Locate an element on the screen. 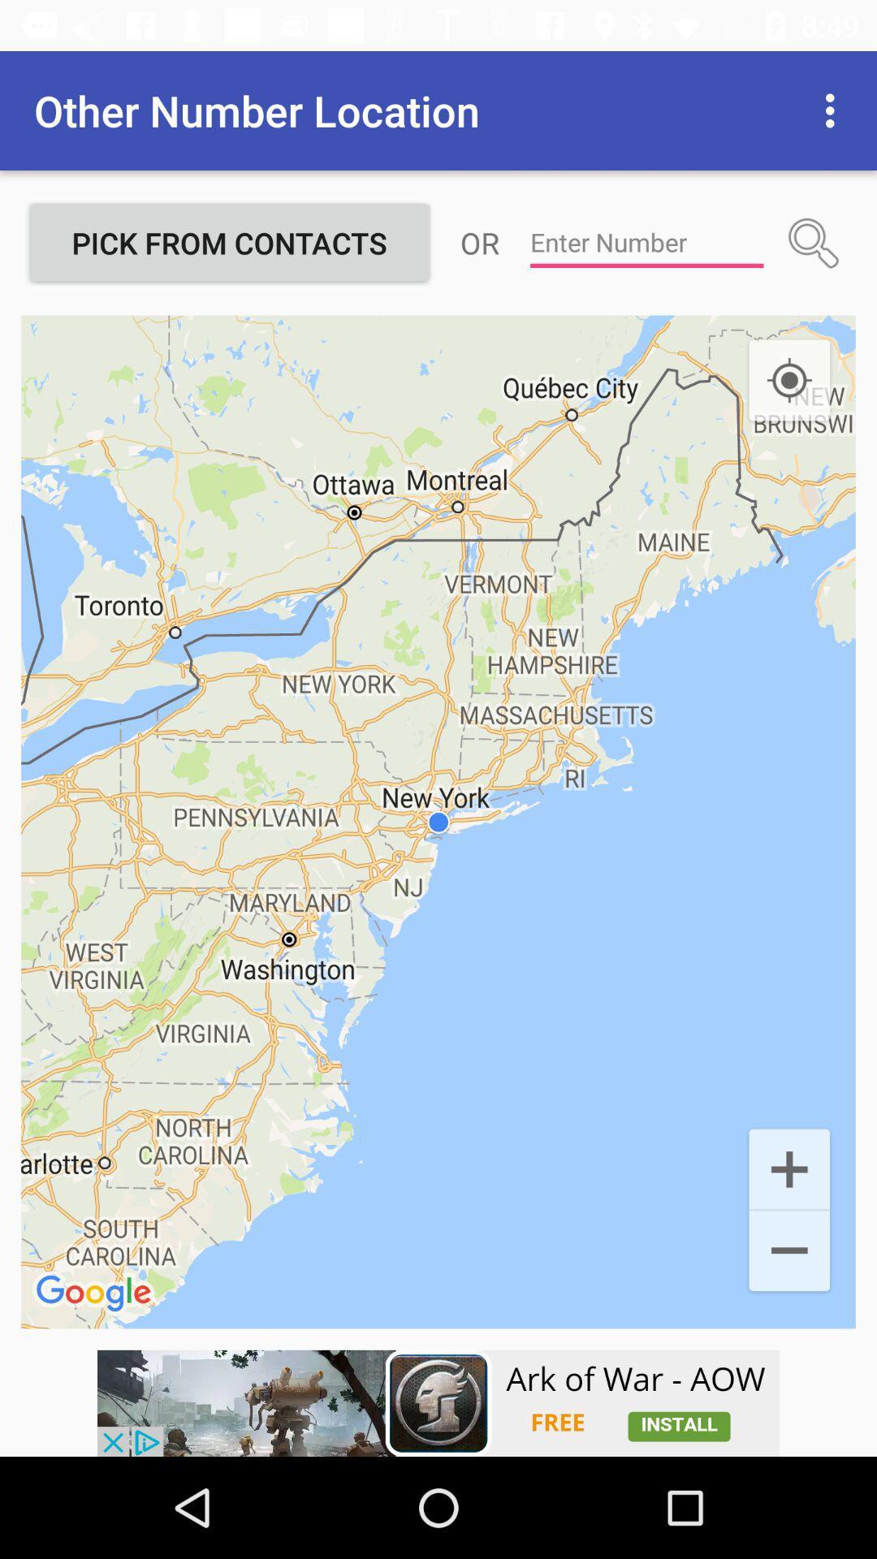 The image size is (877, 1559). the add icon is located at coordinates (788, 1167).